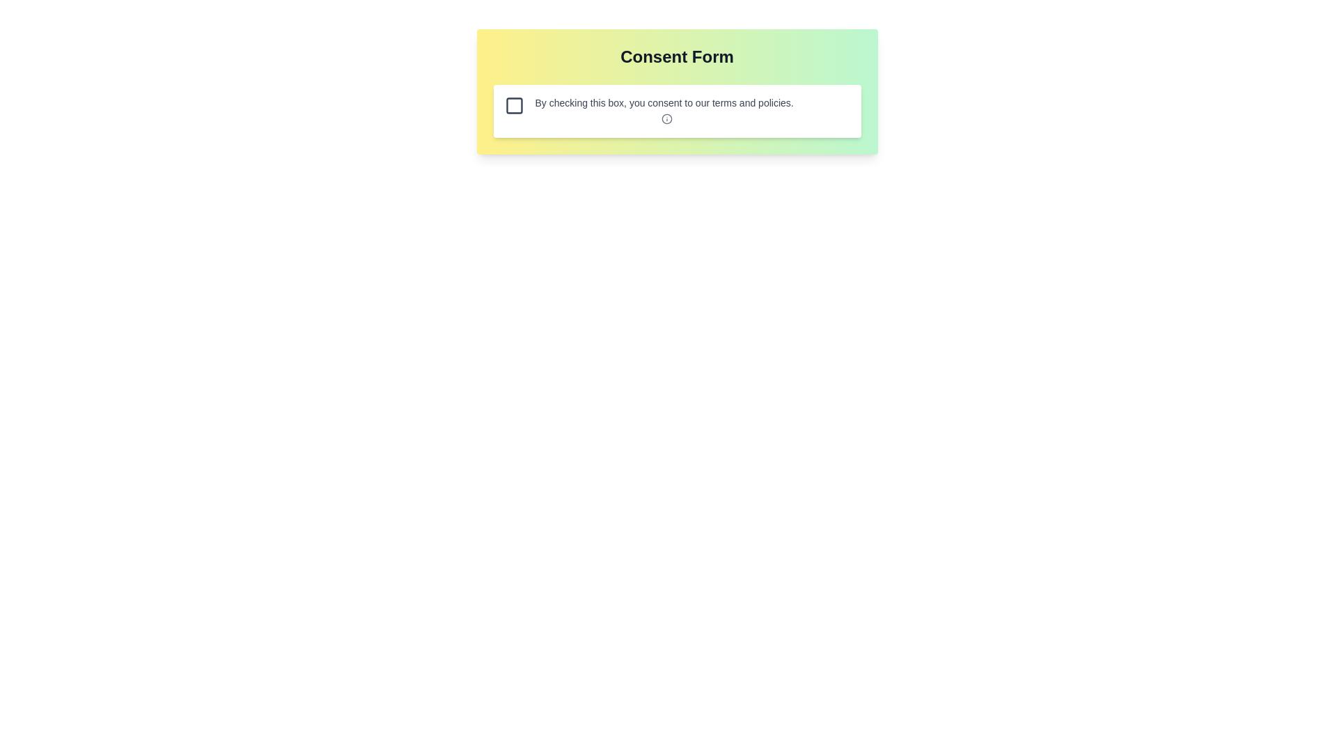 The height and width of the screenshot is (752, 1337). Describe the element at coordinates (666, 118) in the screenshot. I see `the small circular information icon located to the right of the text 'By checking this box, you consent to our terms and policies.'` at that location.